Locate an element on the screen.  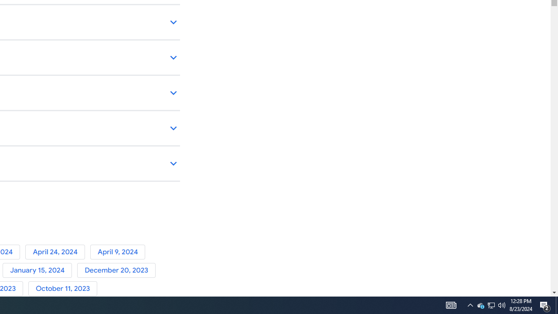
'April 9, 2024' is located at coordinates (119, 252).